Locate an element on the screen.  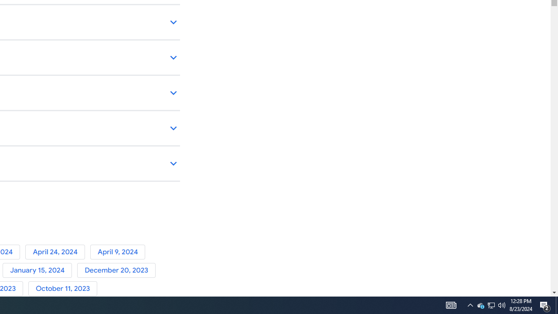
'April 9, 2024' is located at coordinates (119, 252).